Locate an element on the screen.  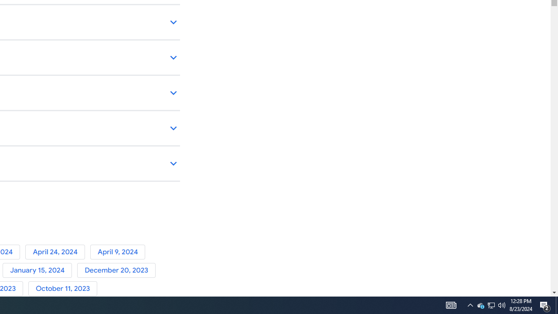
'April 9, 2024' is located at coordinates (119, 252).